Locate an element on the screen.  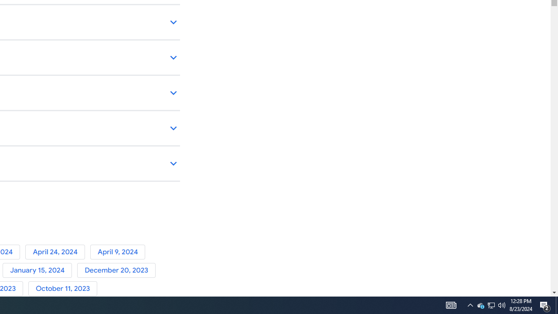
'April 9, 2024' is located at coordinates (119, 252).